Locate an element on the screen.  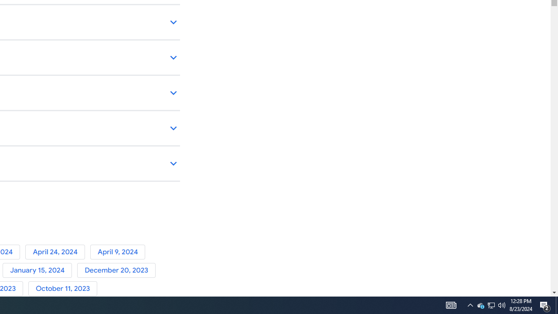
'April 9, 2024' is located at coordinates (119, 252).